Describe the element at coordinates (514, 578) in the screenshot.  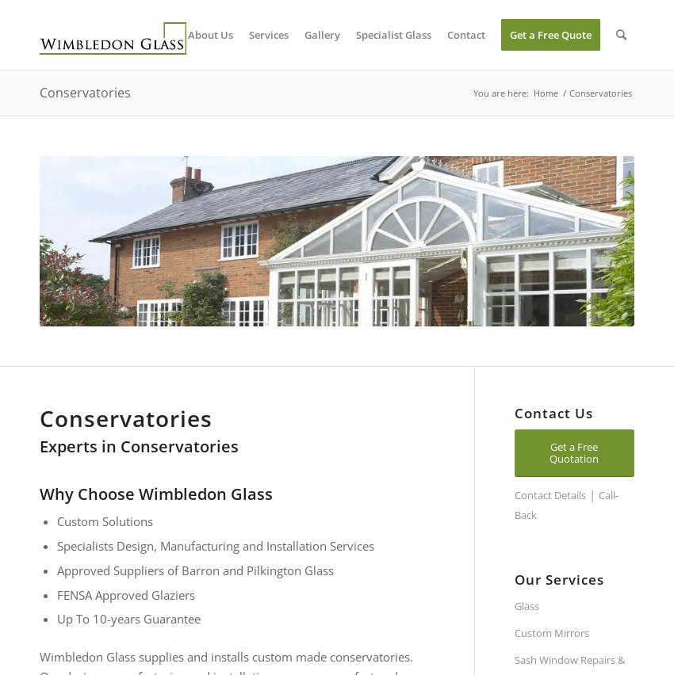
I see `'Our Services'` at that location.